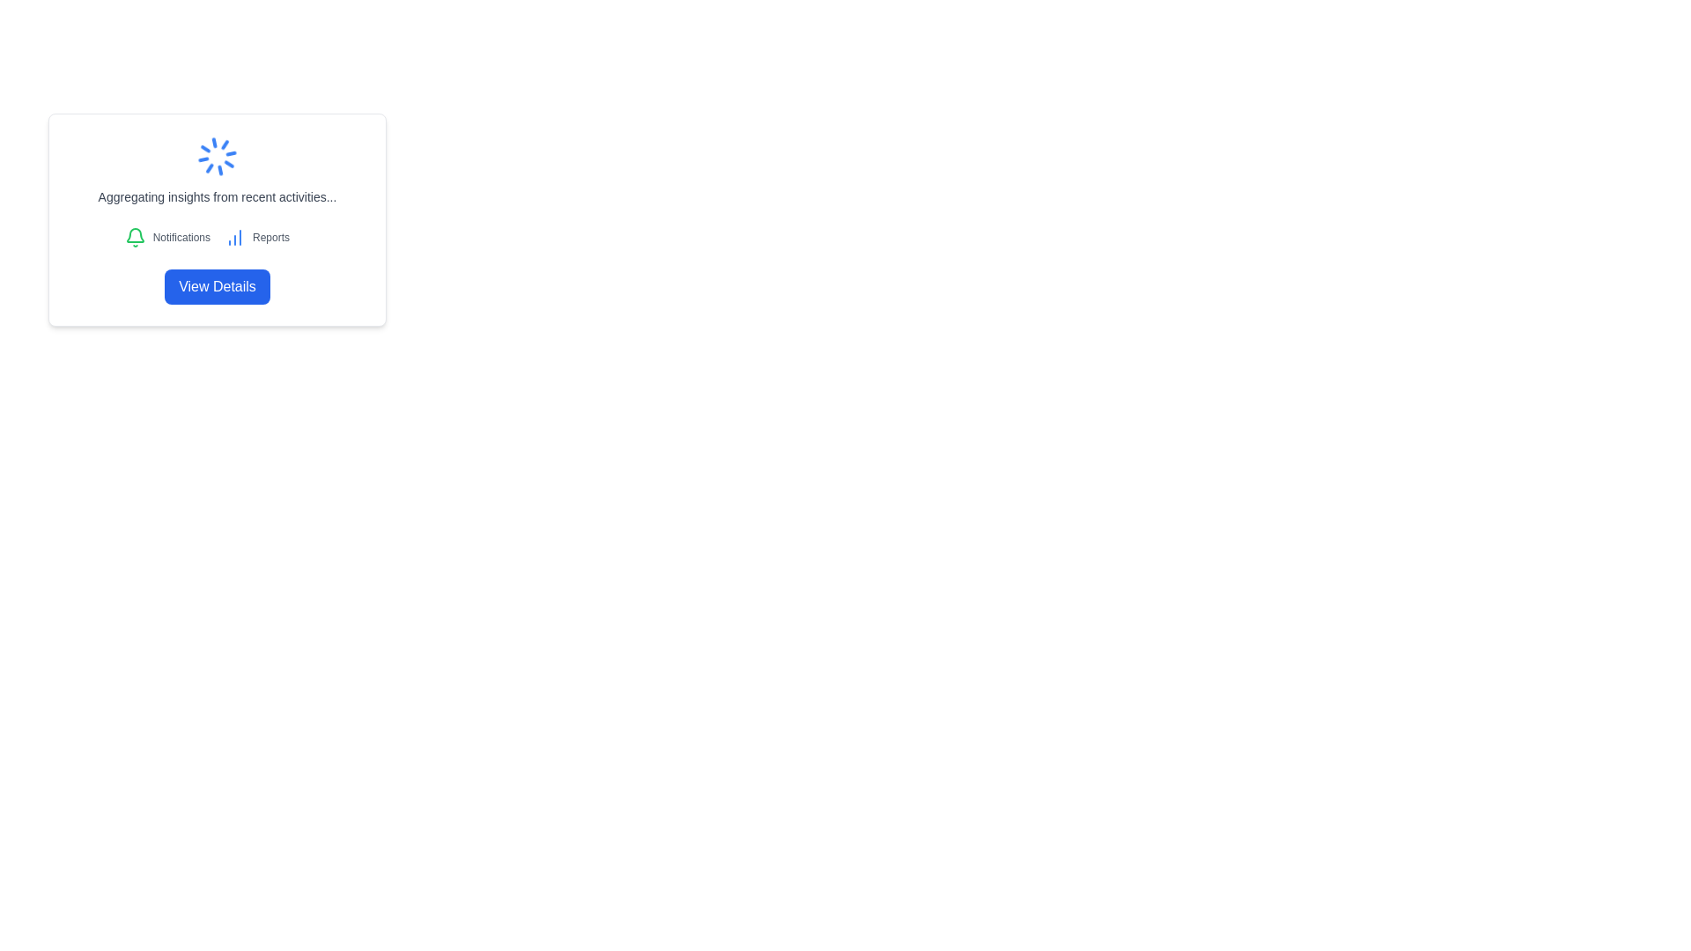 The height and width of the screenshot is (951, 1691). Describe the element at coordinates (167, 238) in the screenshot. I see `the 'Notifications' label with the green bell icon, which is the first item in the grid layout located at the top-left corner` at that location.